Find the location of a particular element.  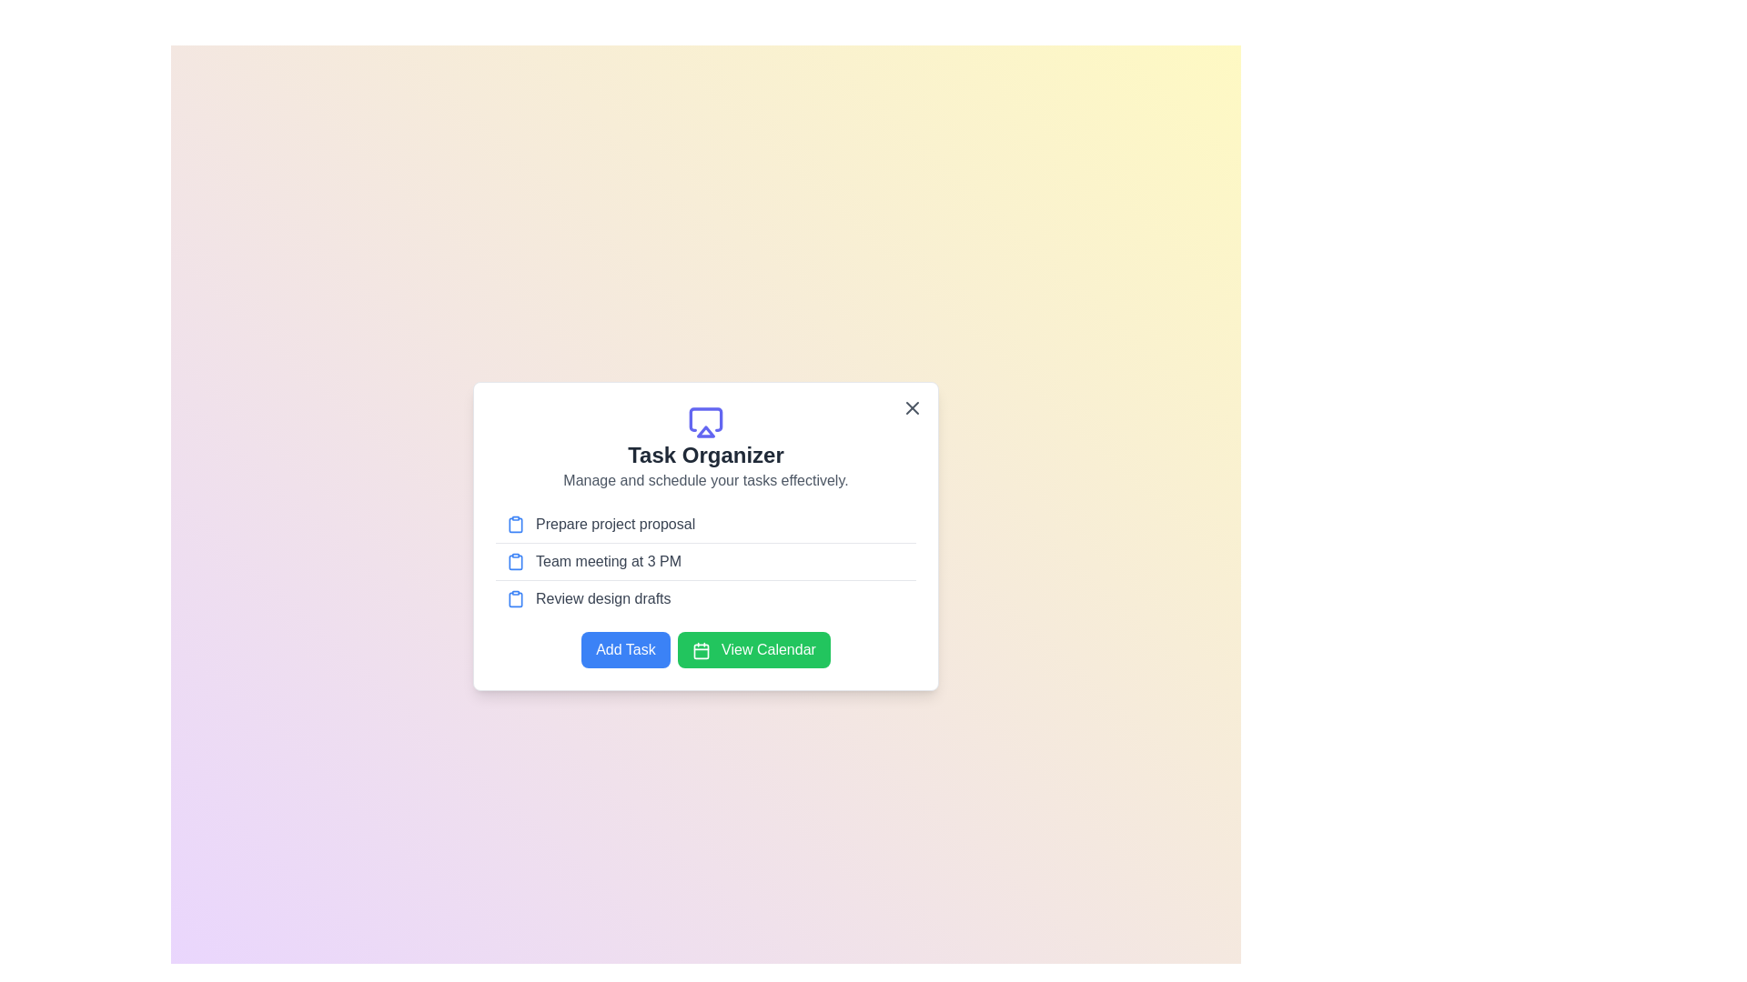

the calendar button is located at coordinates (705, 648).